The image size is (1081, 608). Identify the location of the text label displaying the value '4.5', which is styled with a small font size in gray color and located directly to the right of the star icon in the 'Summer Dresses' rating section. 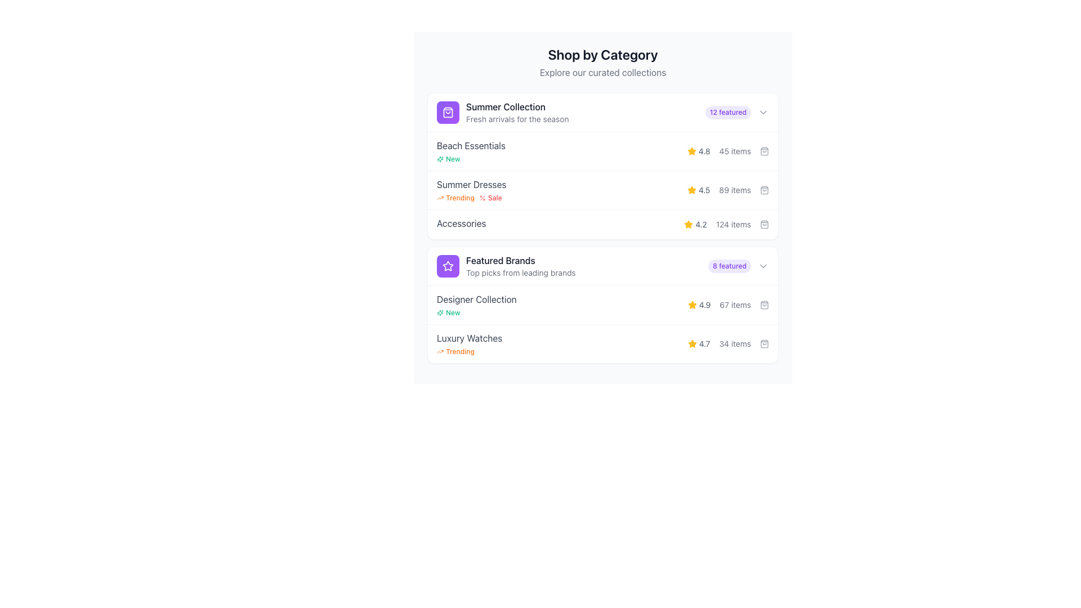
(704, 190).